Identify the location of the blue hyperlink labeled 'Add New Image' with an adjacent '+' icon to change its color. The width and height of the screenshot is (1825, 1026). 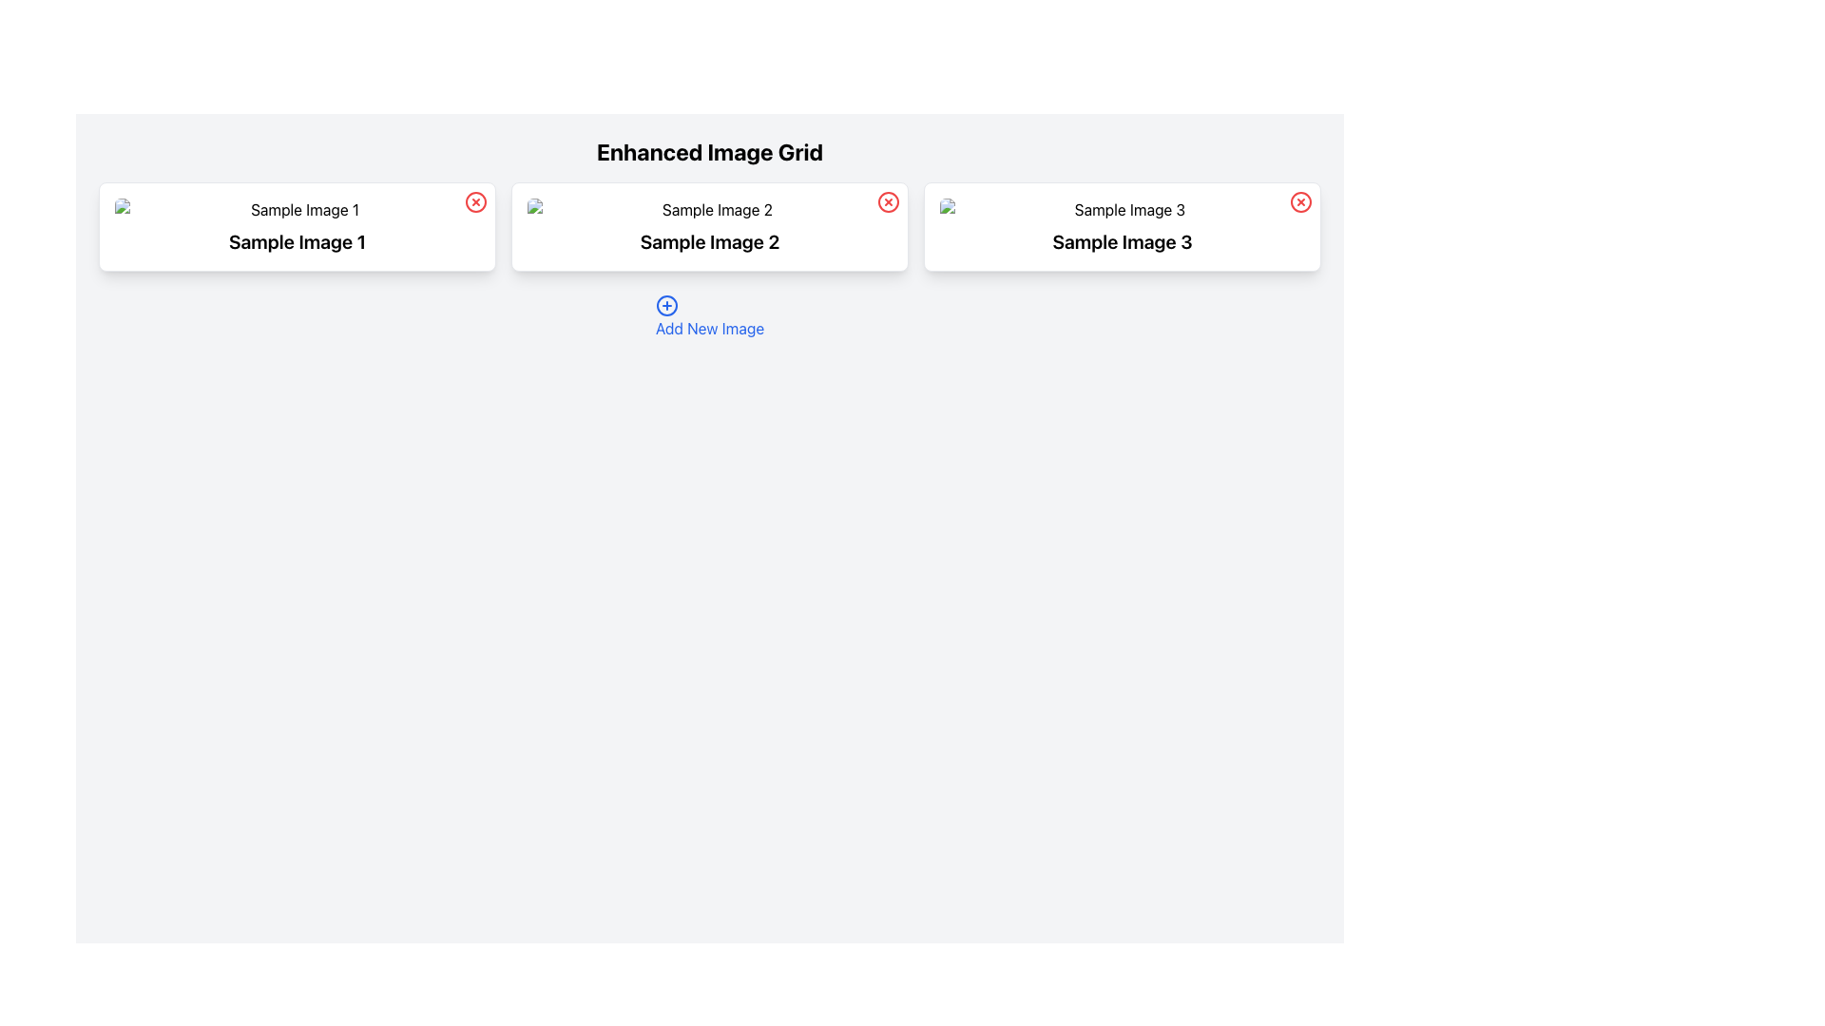
(709, 316).